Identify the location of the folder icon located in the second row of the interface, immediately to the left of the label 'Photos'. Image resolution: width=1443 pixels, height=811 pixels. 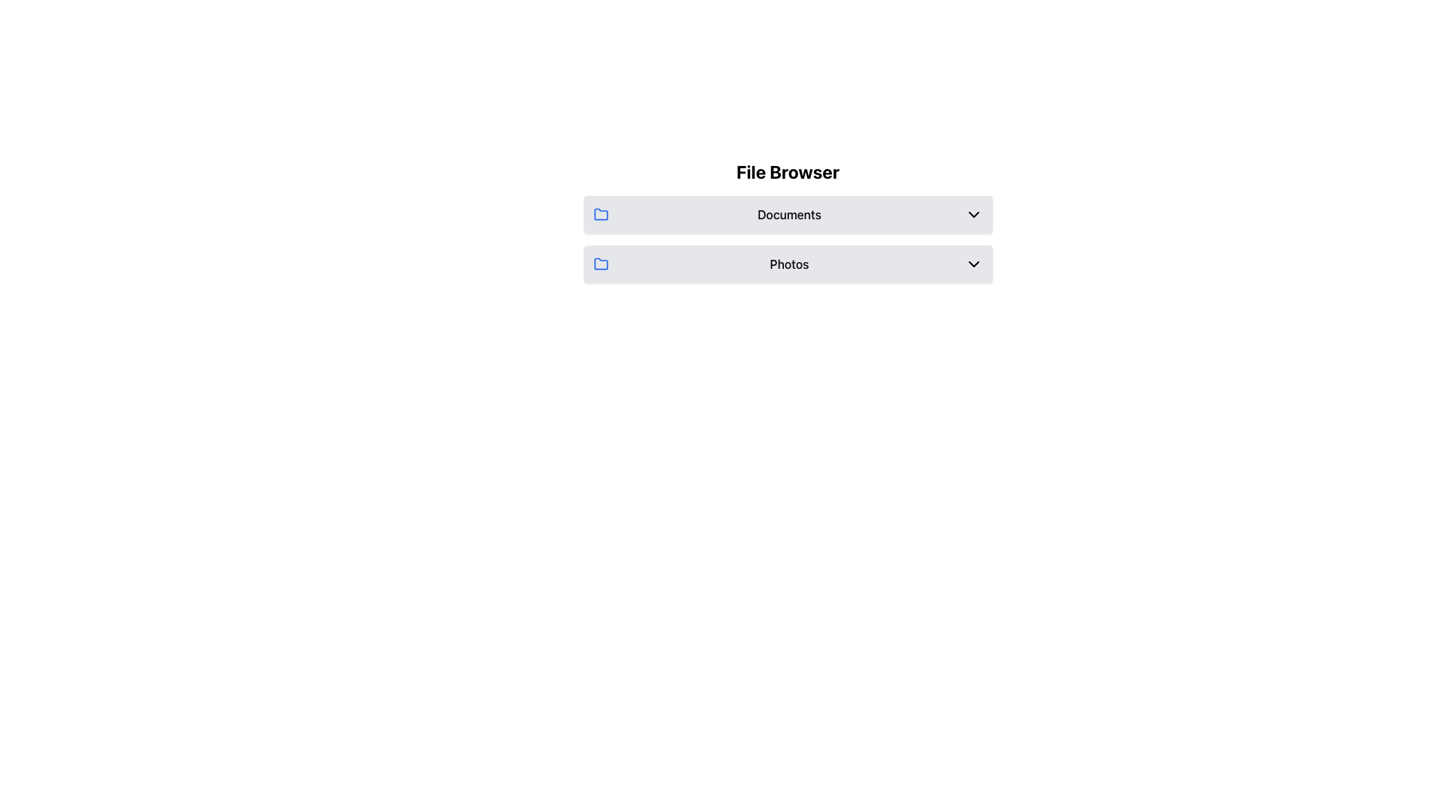
(600, 263).